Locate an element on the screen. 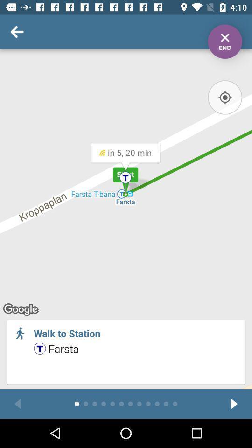 This screenshot has height=448, width=252. the play icon is located at coordinates (233, 403).